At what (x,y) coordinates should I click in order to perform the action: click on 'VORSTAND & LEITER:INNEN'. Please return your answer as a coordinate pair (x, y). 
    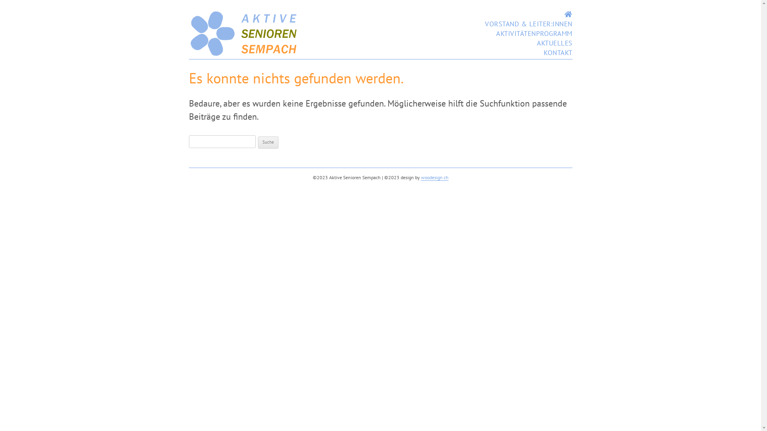
    Looking at the image, I should click on (529, 24).